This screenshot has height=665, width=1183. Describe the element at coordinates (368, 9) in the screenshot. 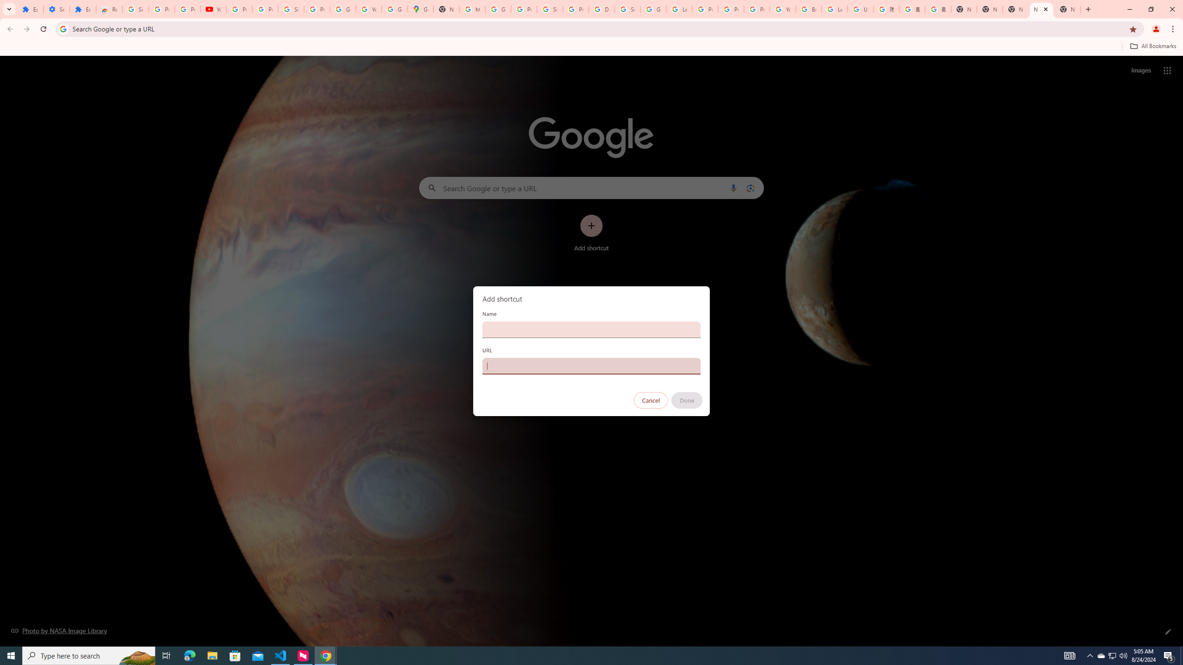

I see `'YouTube'` at that location.